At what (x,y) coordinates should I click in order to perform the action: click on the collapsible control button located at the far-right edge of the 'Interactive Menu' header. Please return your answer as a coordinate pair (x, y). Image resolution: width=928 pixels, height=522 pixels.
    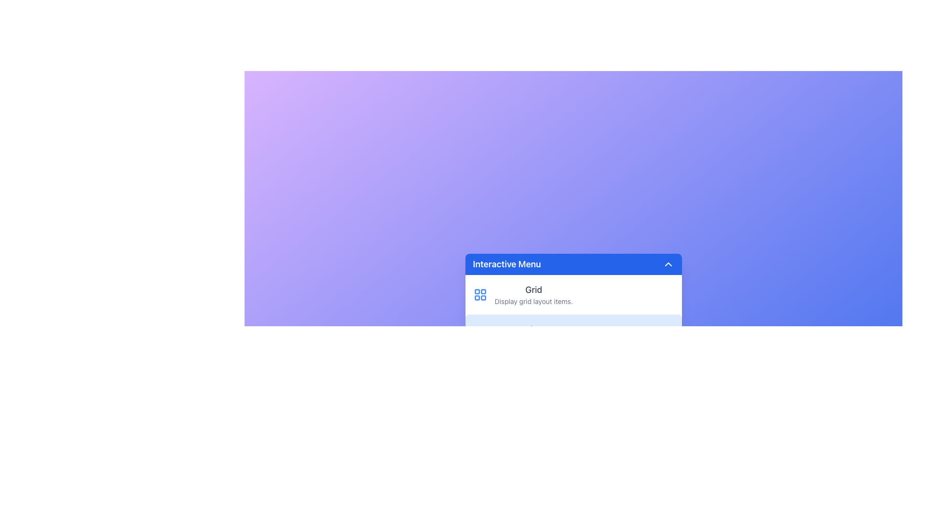
    Looking at the image, I should click on (667, 264).